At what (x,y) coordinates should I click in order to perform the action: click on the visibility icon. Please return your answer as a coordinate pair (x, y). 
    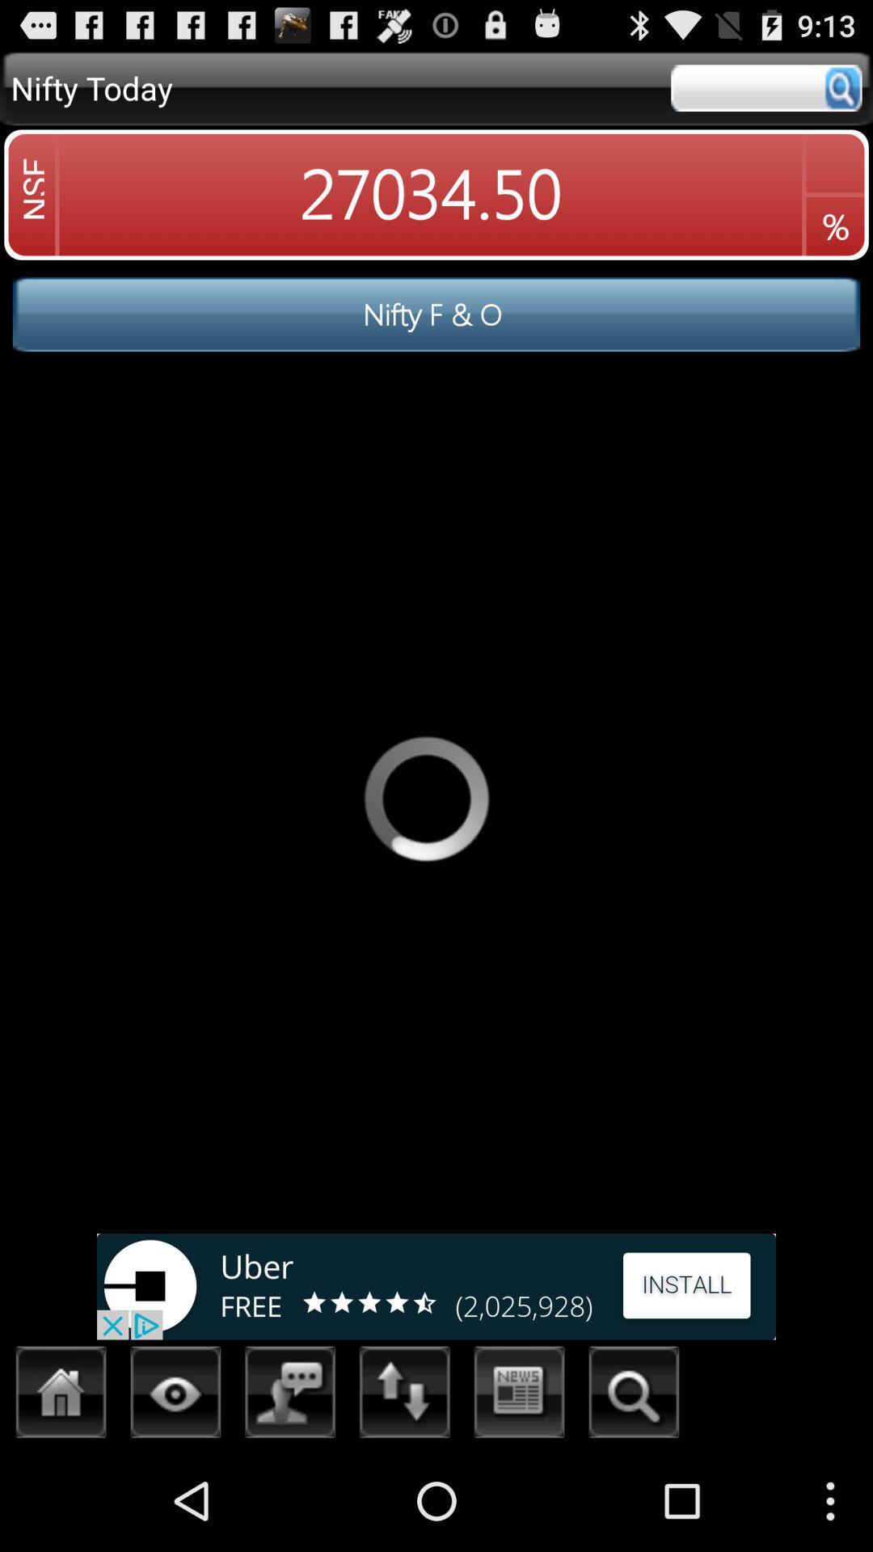
    Looking at the image, I should click on (175, 1494).